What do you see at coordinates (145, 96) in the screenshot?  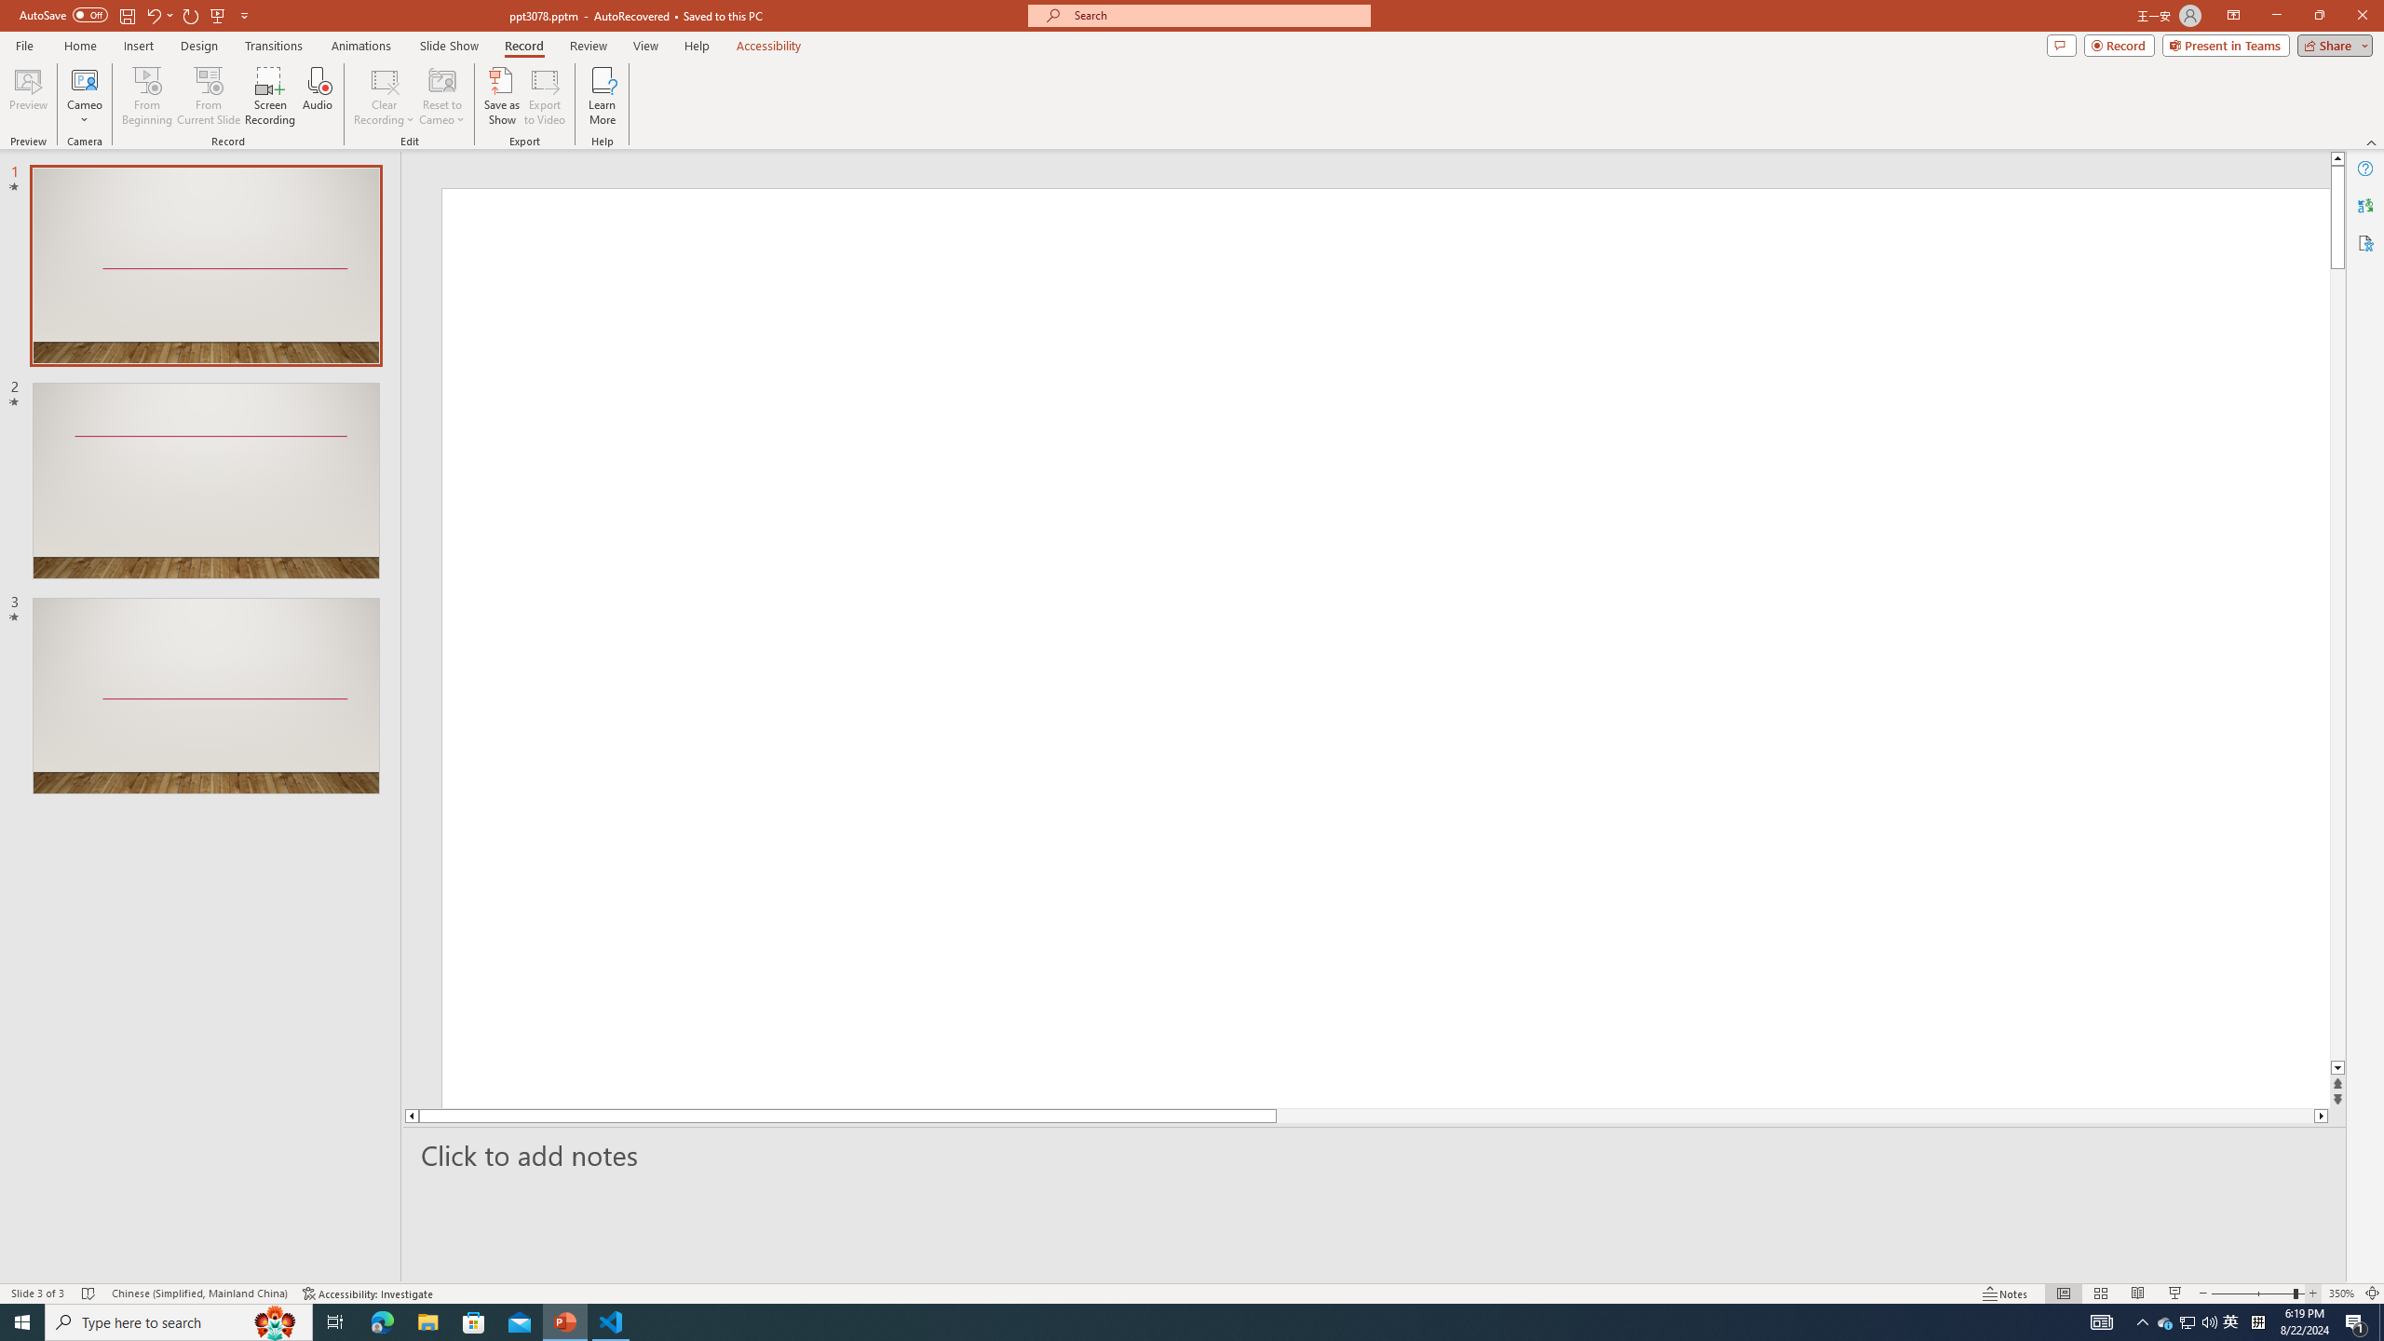 I see `'From Beginning...'` at bounding box center [145, 96].